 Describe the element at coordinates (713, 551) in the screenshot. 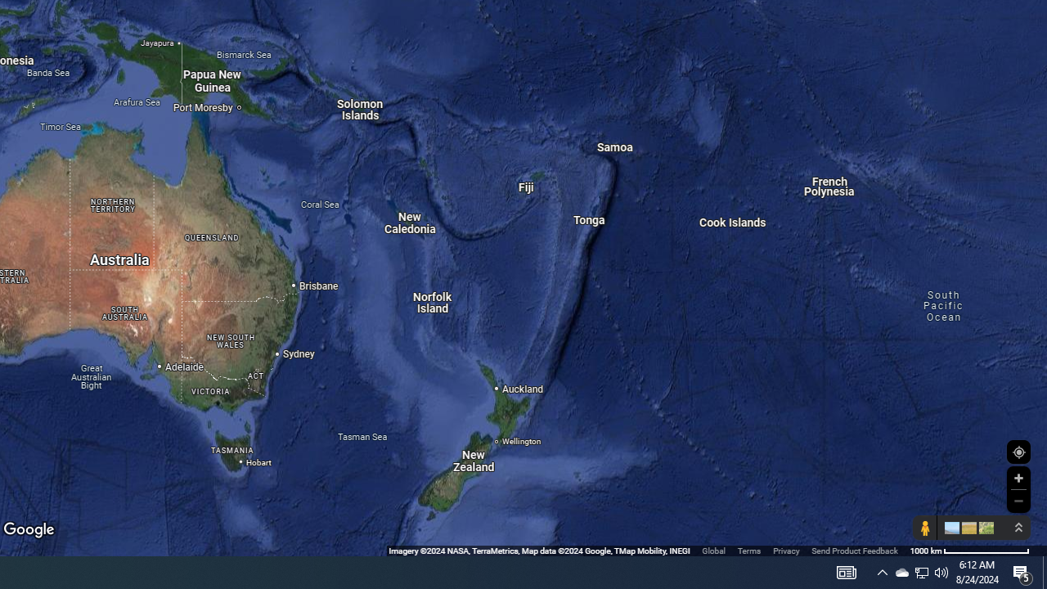

I see `'Global'` at that location.